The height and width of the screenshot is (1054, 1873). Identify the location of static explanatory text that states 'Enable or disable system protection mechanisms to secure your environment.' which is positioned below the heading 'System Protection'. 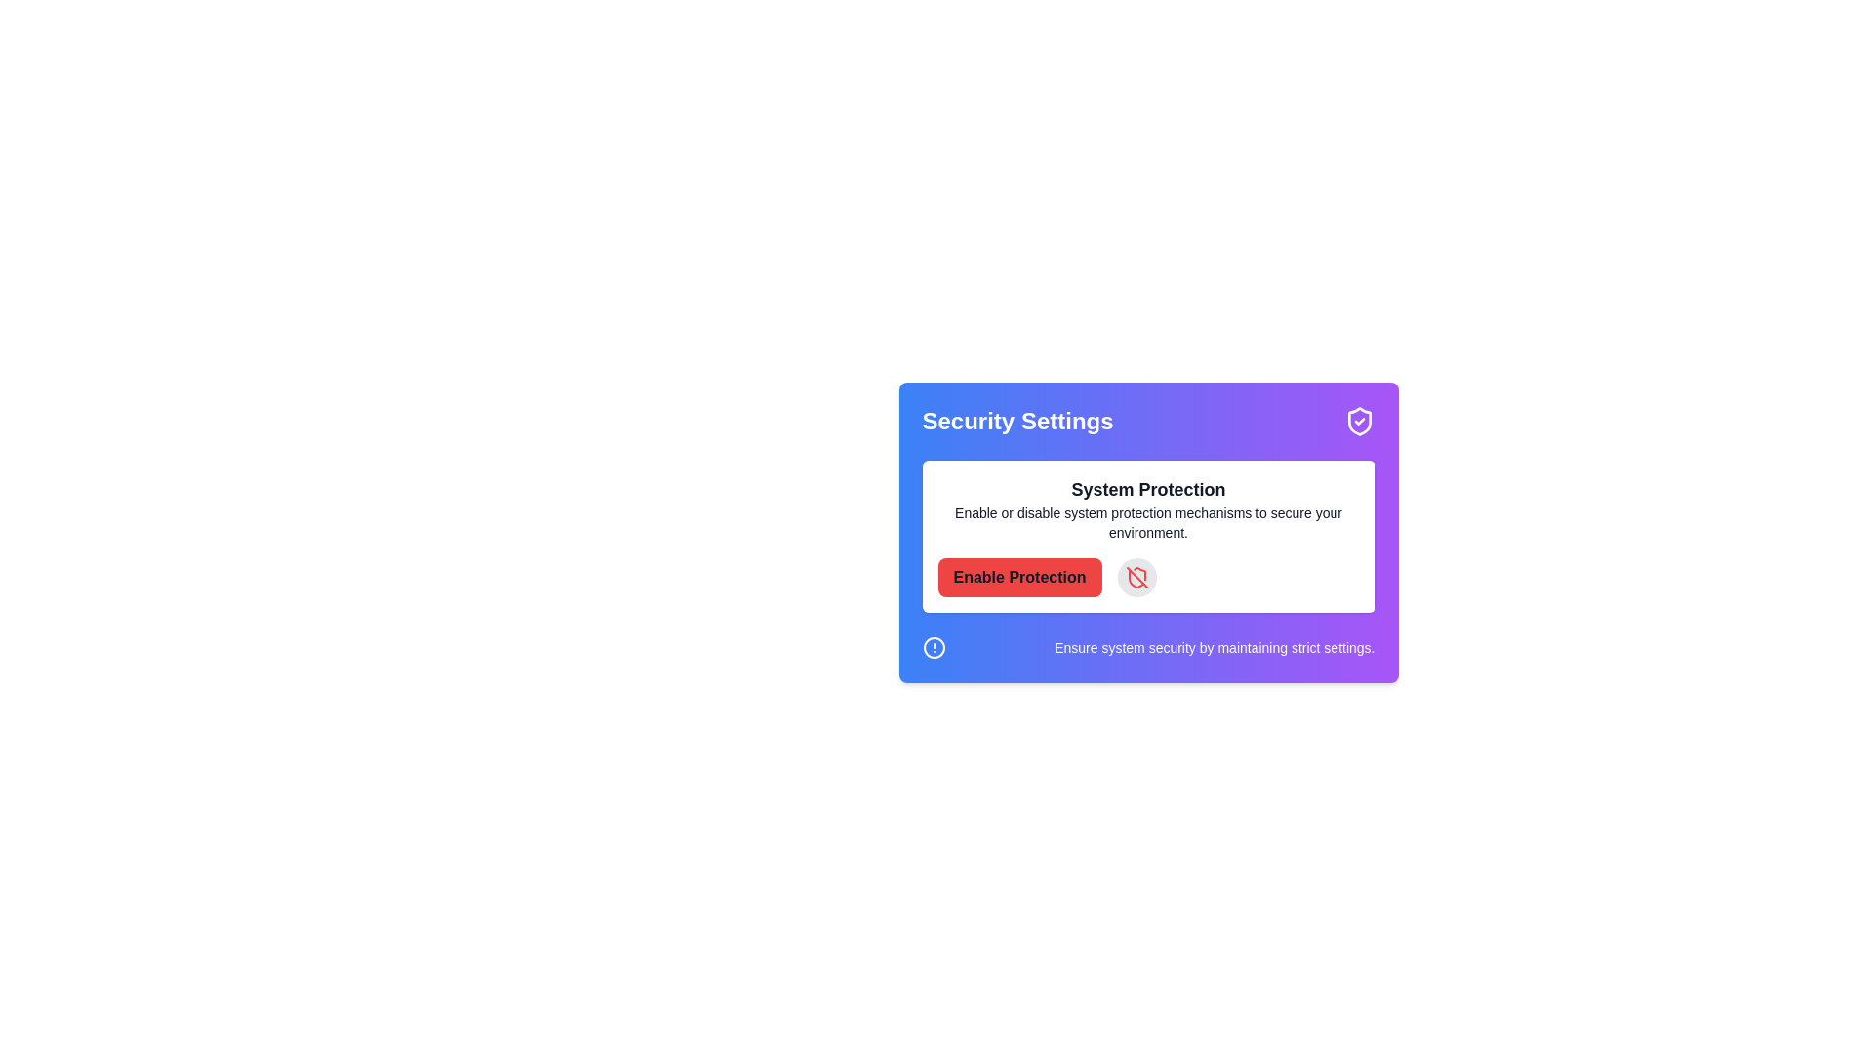
(1148, 522).